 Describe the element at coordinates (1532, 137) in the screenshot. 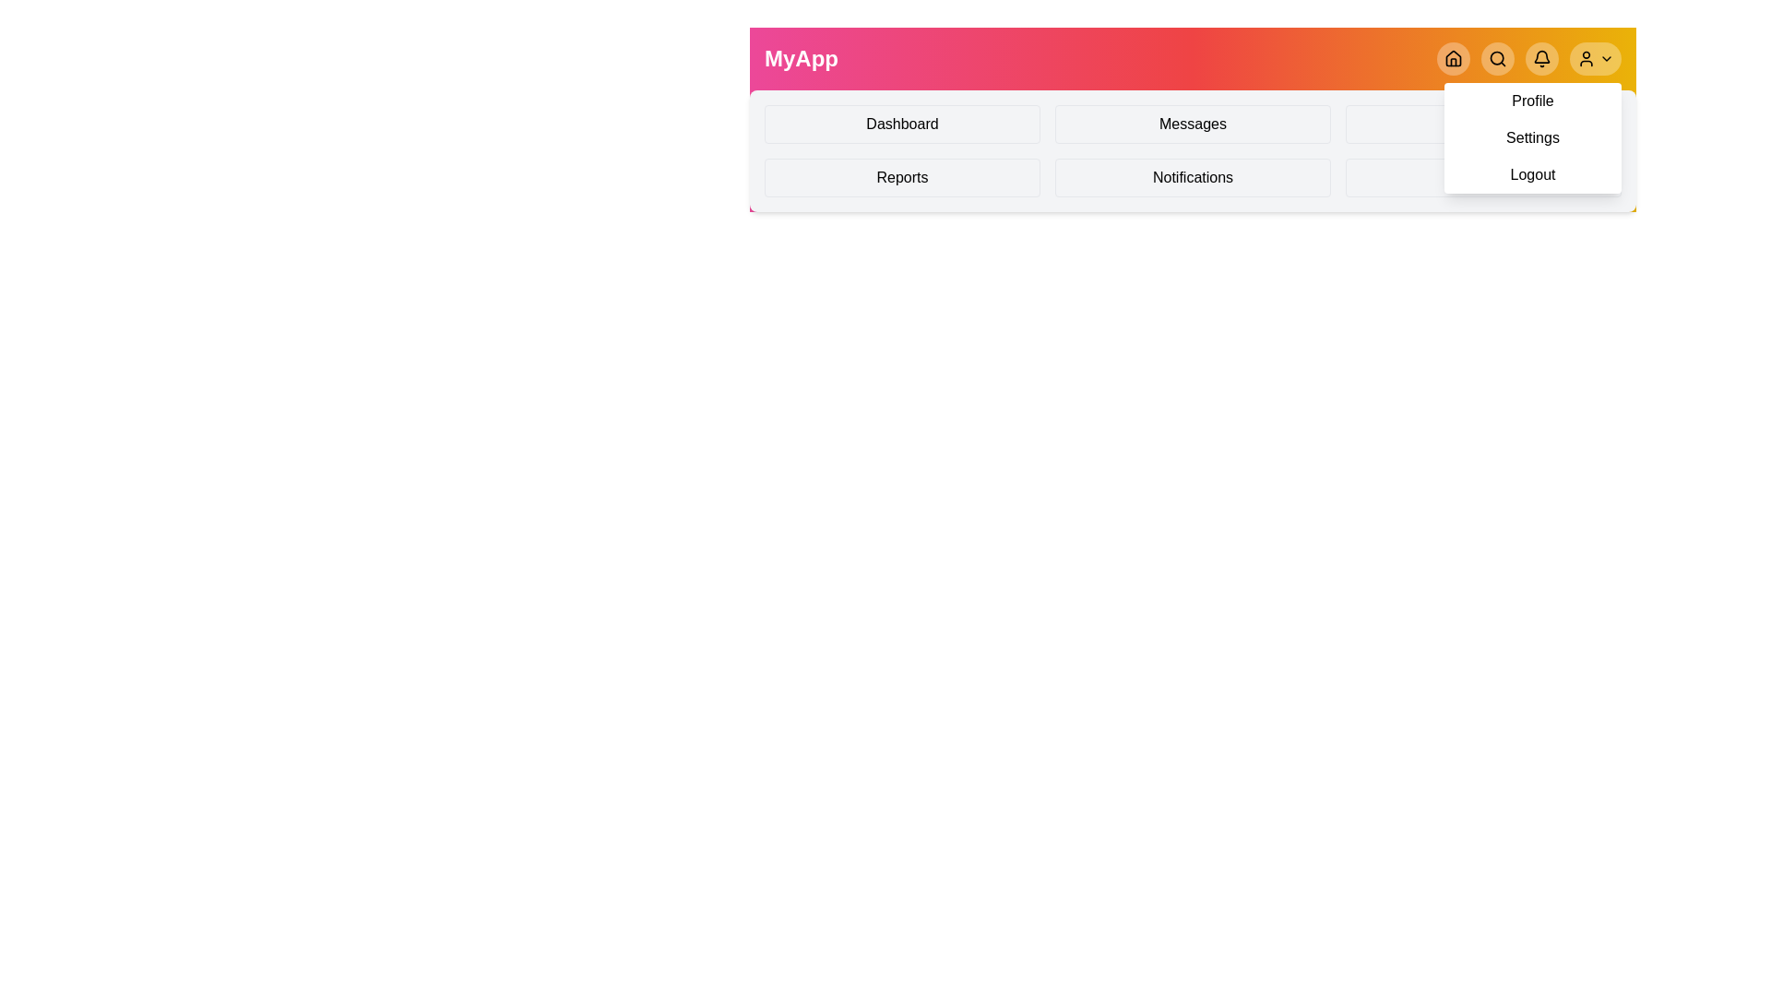

I see `the Settings from the profile menu` at that location.